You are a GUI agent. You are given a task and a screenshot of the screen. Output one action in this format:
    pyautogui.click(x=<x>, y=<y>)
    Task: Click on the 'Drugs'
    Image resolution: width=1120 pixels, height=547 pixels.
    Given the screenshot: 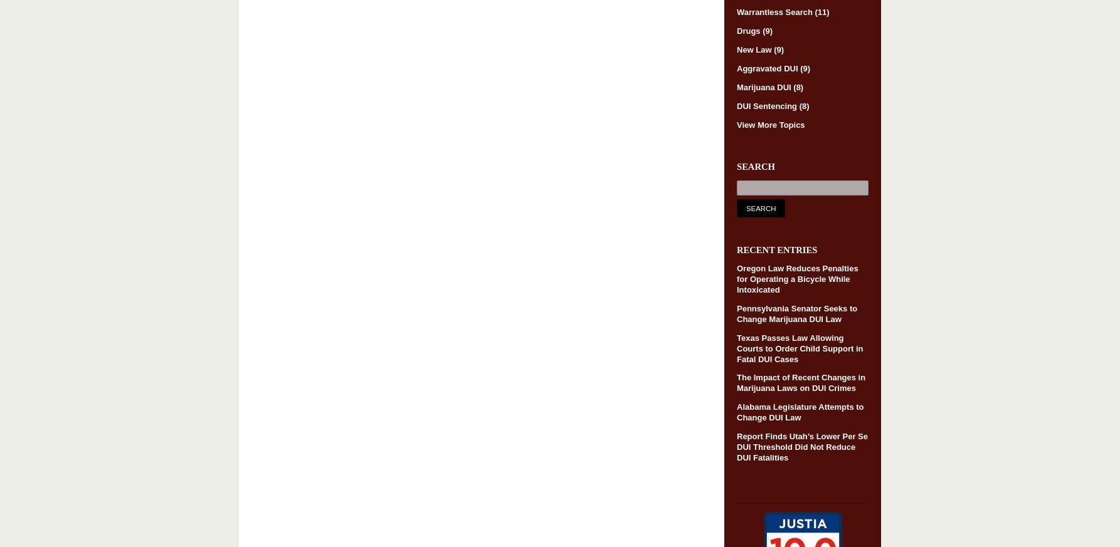 What is the action you would take?
    pyautogui.click(x=749, y=30)
    